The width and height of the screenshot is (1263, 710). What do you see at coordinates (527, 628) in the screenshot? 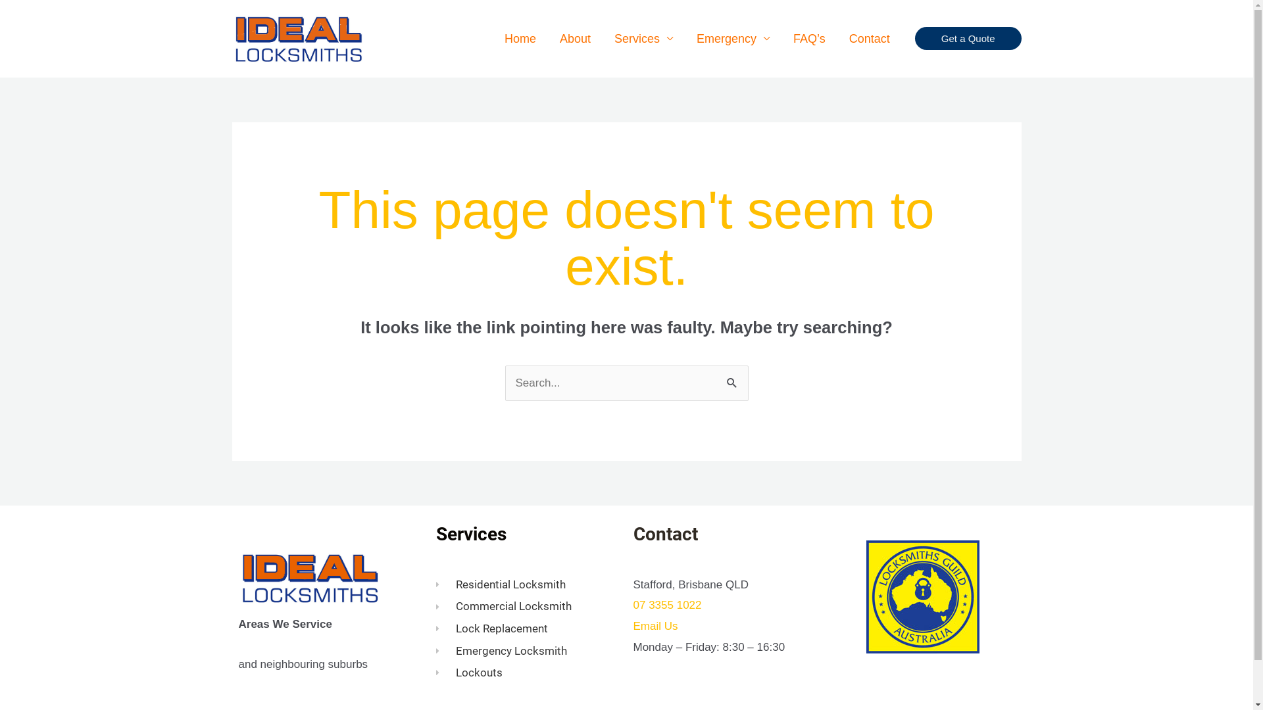
I see `'Lock Replacement'` at bounding box center [527, 628].